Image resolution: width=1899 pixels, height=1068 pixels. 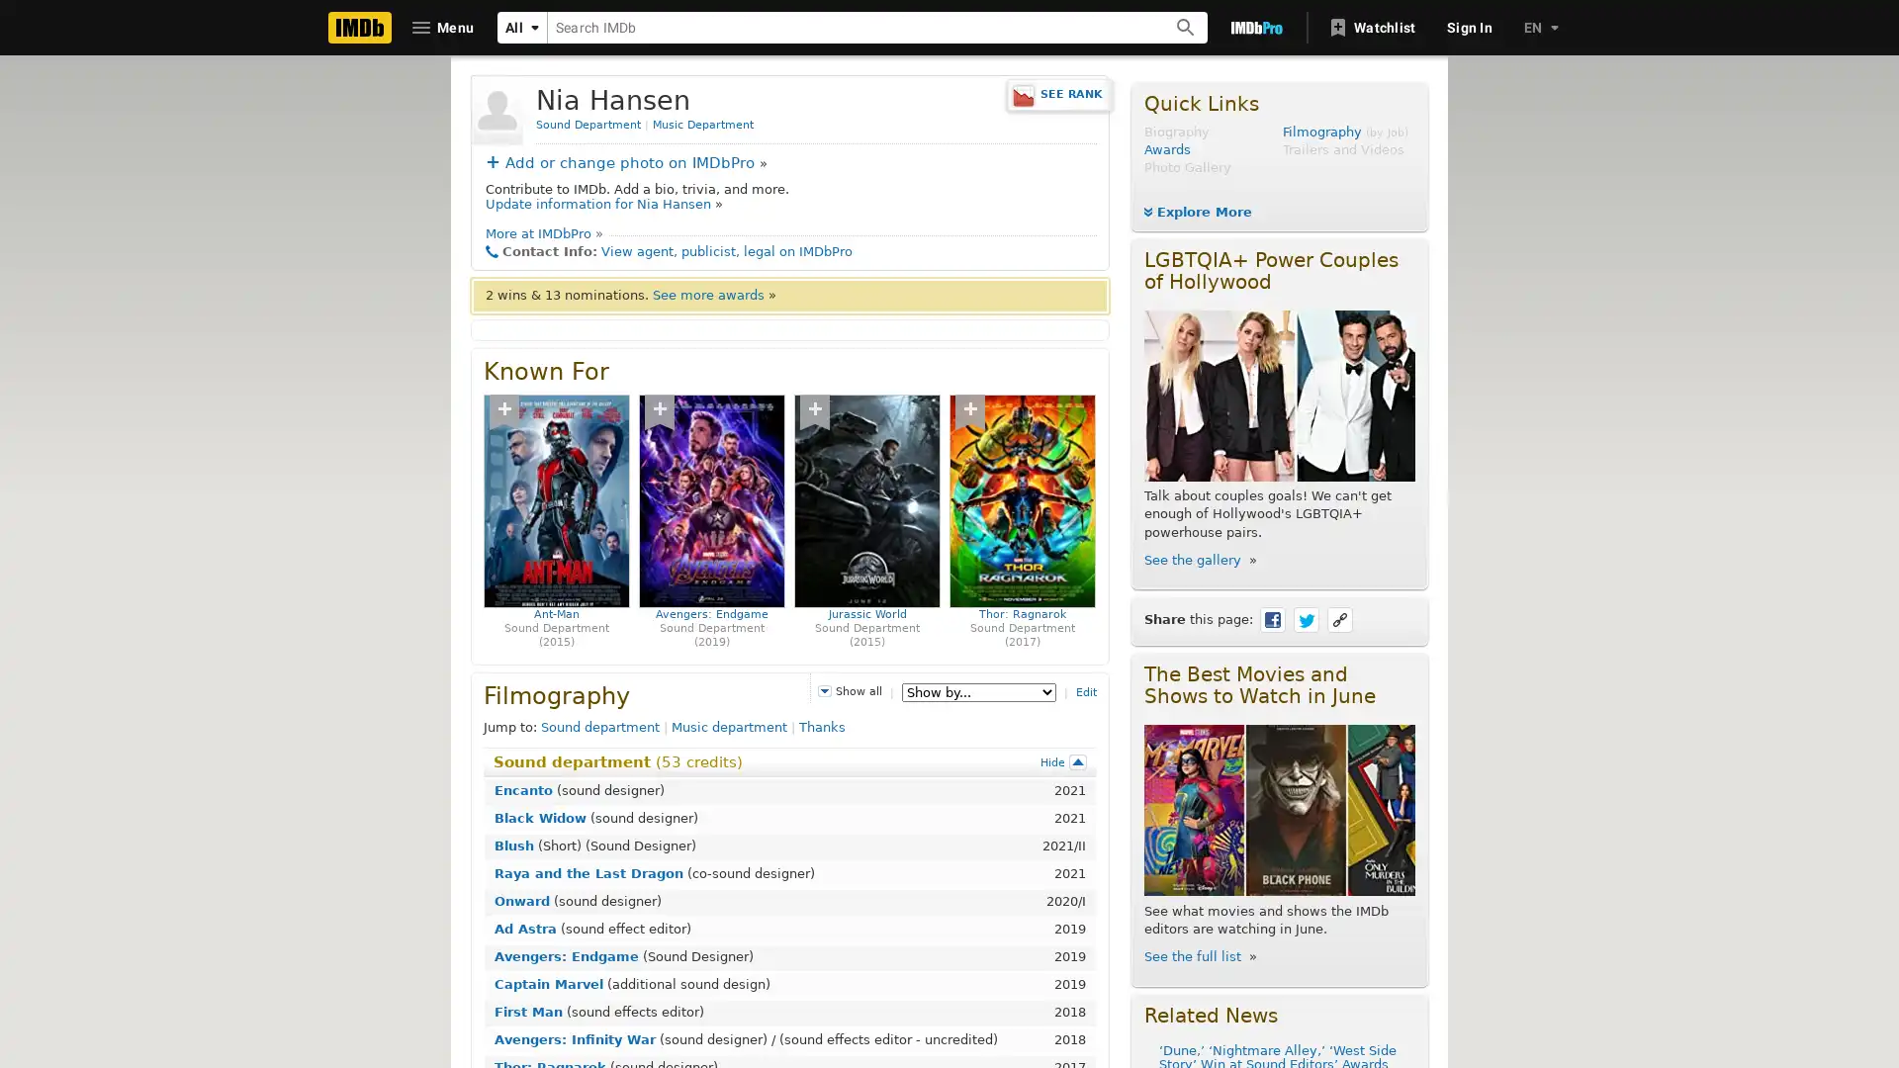 I want to click on Open Navigation Drawer, so click(x=443, y=27).